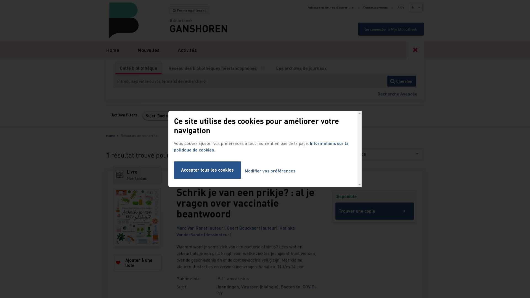  Describe the element at coordinates (340, 154) in the screenshot. I see `'Pertinence'` at that location.